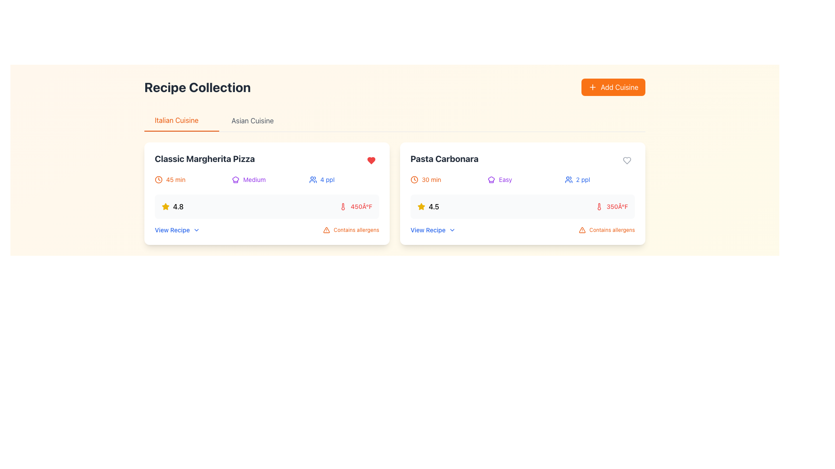  Describe the element at coordinates (361, 206) in the screenshot. I see `the label displaying the recommended cooking temperature for the 'Classic Margherita Pizza' recipe, located in the lower right section of the recipe information card` at that location.